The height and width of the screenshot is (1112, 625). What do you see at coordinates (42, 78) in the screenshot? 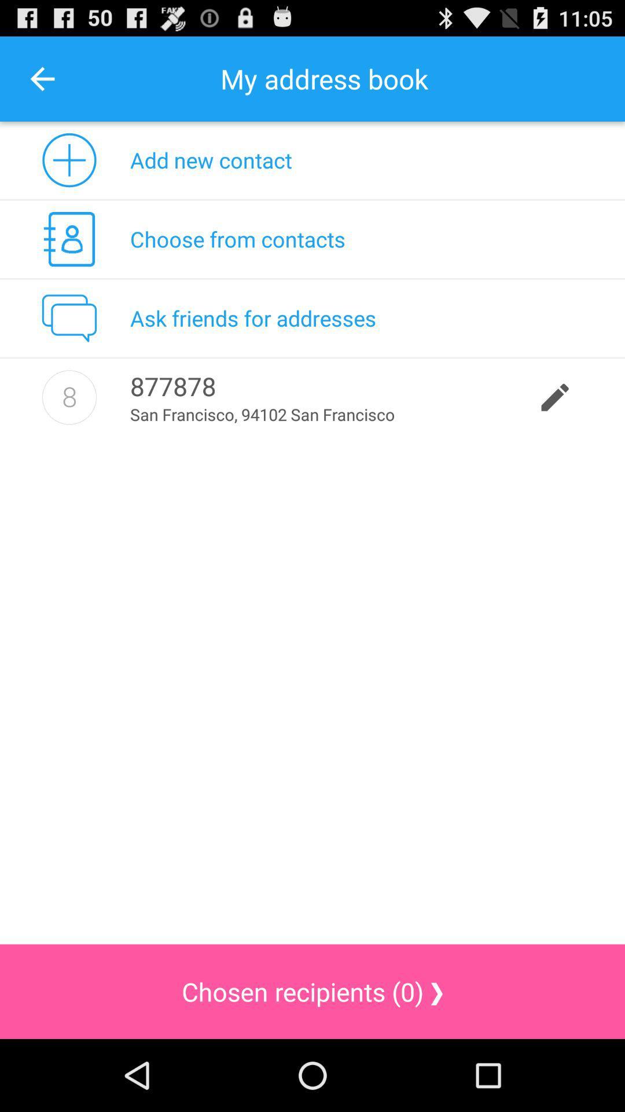
I see `previous` at bounding box center [42, 78].